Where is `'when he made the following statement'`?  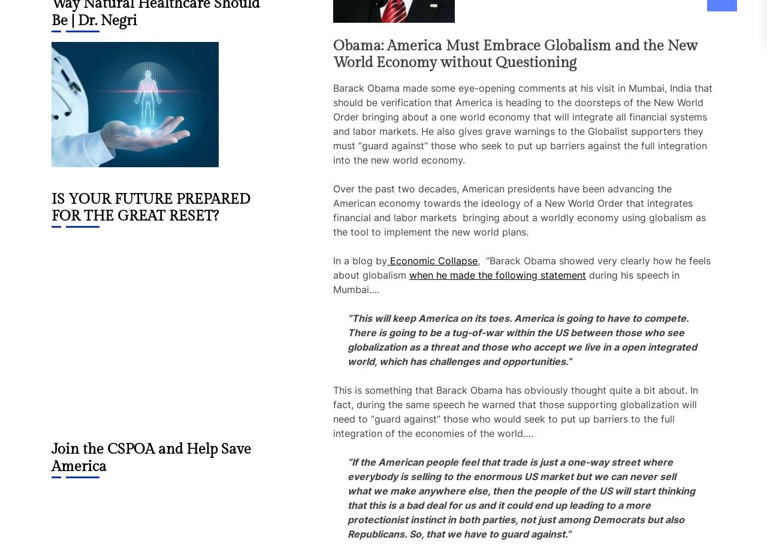 'when he made the following statement' is located at coordinates (497, 275).